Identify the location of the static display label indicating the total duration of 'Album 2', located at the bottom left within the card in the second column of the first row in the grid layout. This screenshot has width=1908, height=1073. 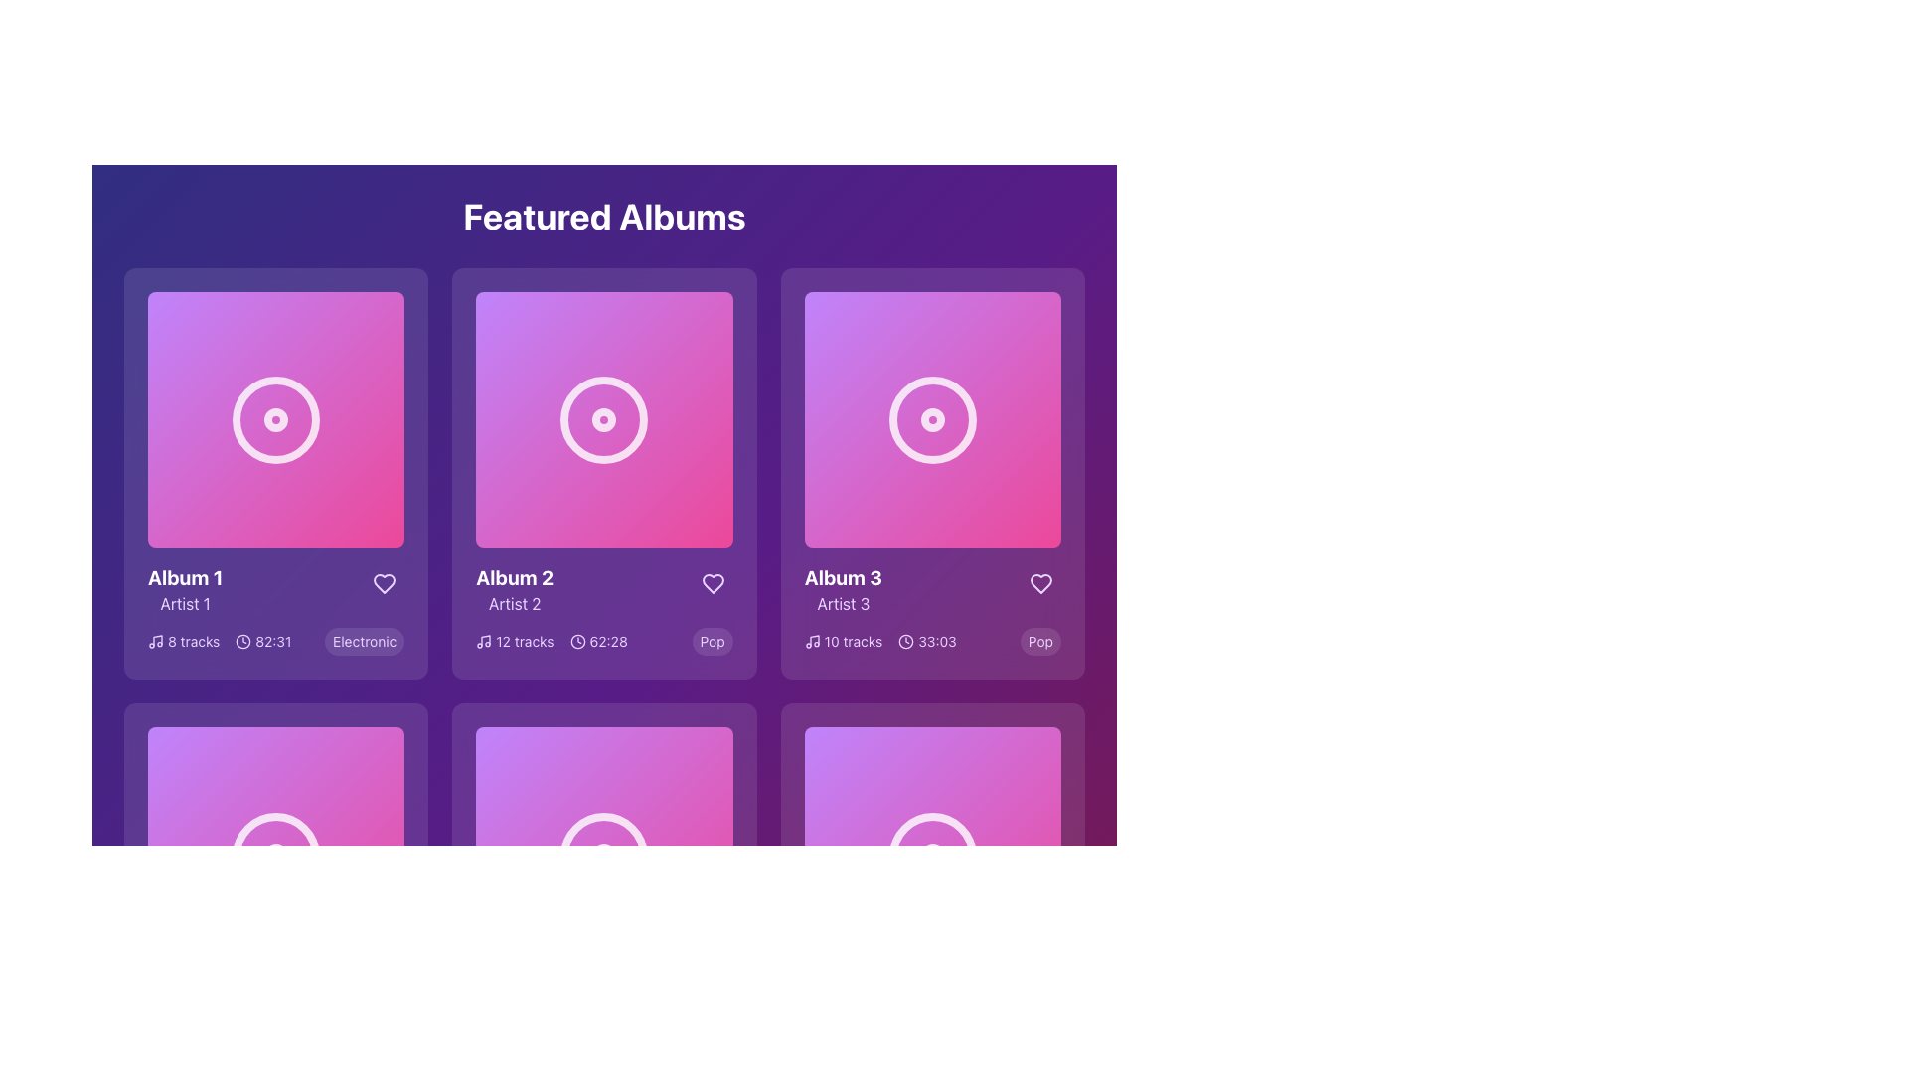
(597, 642).